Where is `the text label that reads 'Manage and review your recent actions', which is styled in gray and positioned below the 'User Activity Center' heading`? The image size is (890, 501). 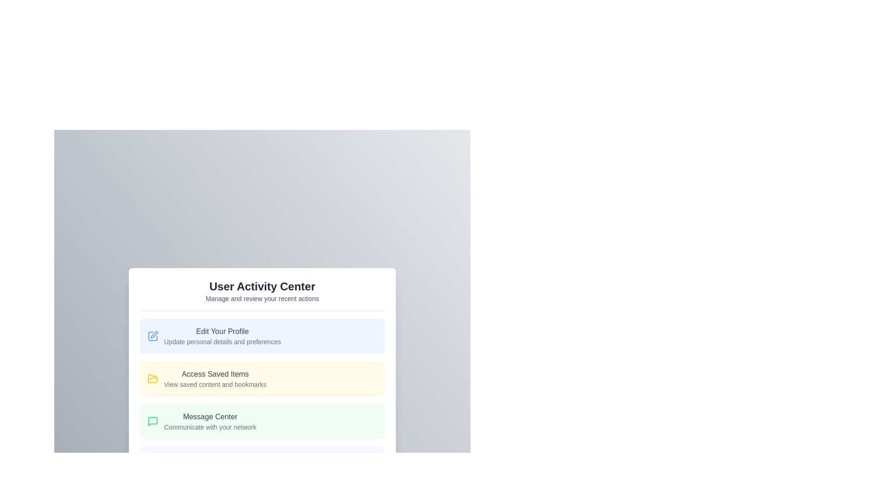
the text label that reads 'Manage and review your recent actions', which is styled in gray and positioned below the 'User Activity Center' heading is located at coordinates (262, 298).